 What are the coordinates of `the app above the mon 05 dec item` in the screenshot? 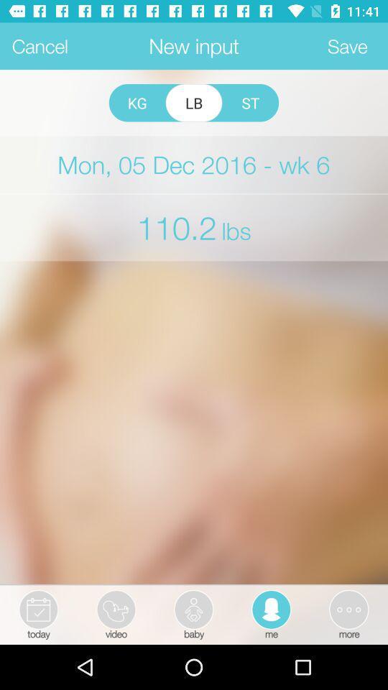 It's located at (137, 102).